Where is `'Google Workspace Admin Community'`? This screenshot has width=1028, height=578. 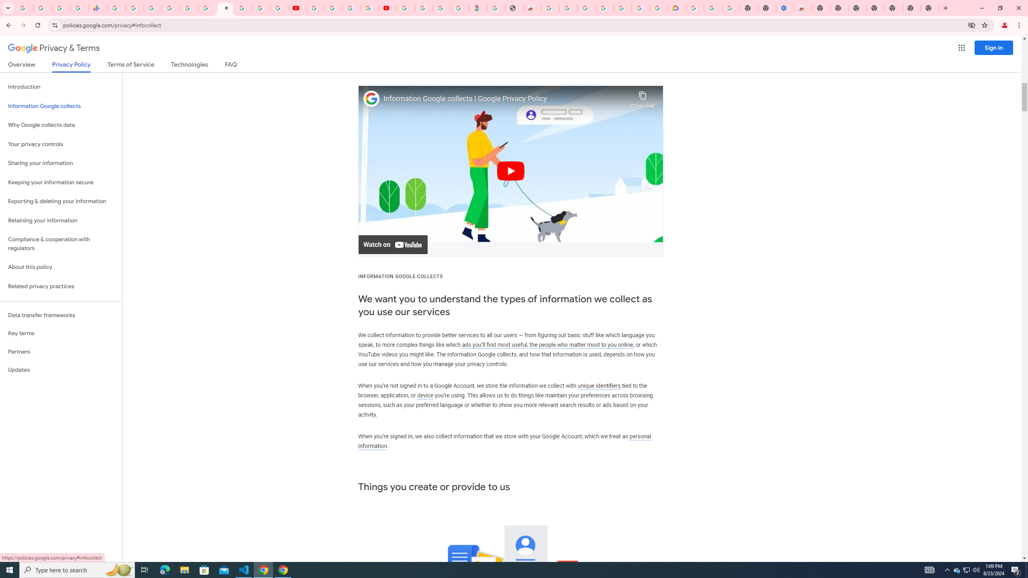
'Google Workspace Admin Community' is located at coordinates (24, 8).